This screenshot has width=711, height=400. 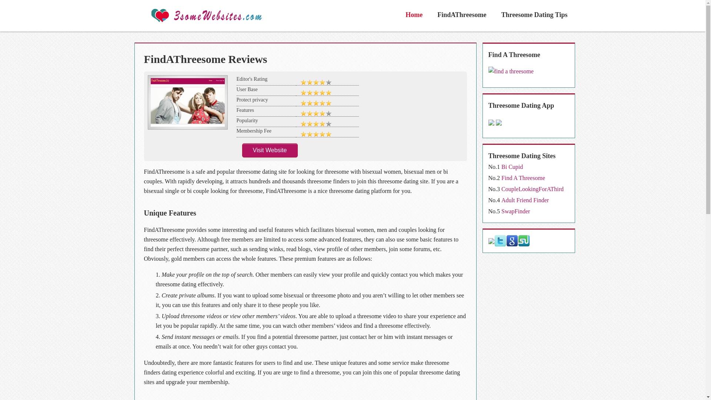 What do you see at coordinates (524, 200) in the screenshot?
I see `'Adult Friend Finder'` at bounding box center [524, 200].